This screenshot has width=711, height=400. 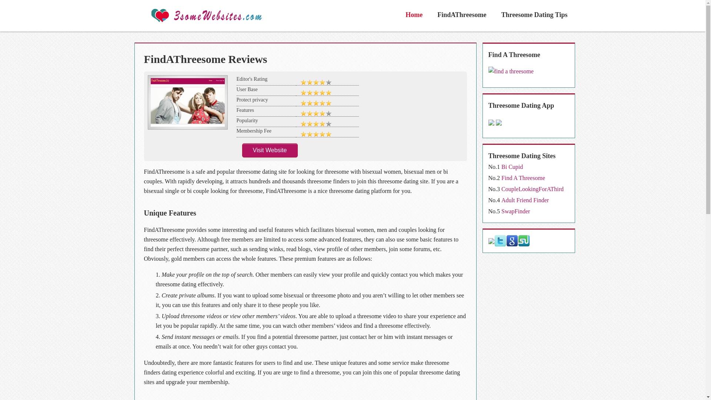 What do you see at coordinates (524, 200) in the screenshot?
I see `'Adult Friend Finder'` at bounding box center [524, 200].